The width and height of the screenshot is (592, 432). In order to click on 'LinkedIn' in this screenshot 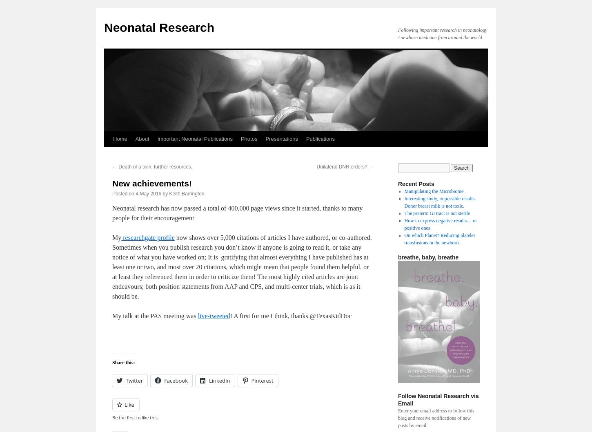, I will do `click(219, 380)`.